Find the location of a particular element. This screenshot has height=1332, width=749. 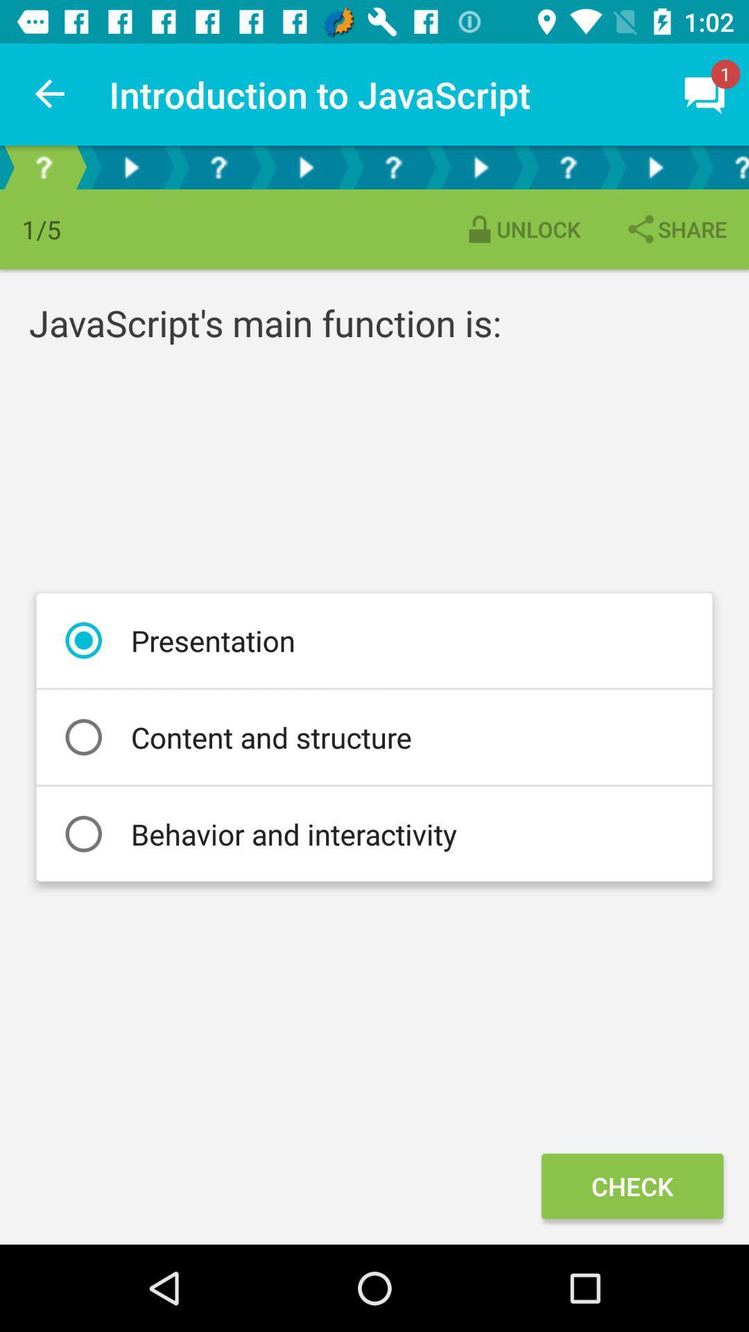

help is located at coordinates (42, 166).